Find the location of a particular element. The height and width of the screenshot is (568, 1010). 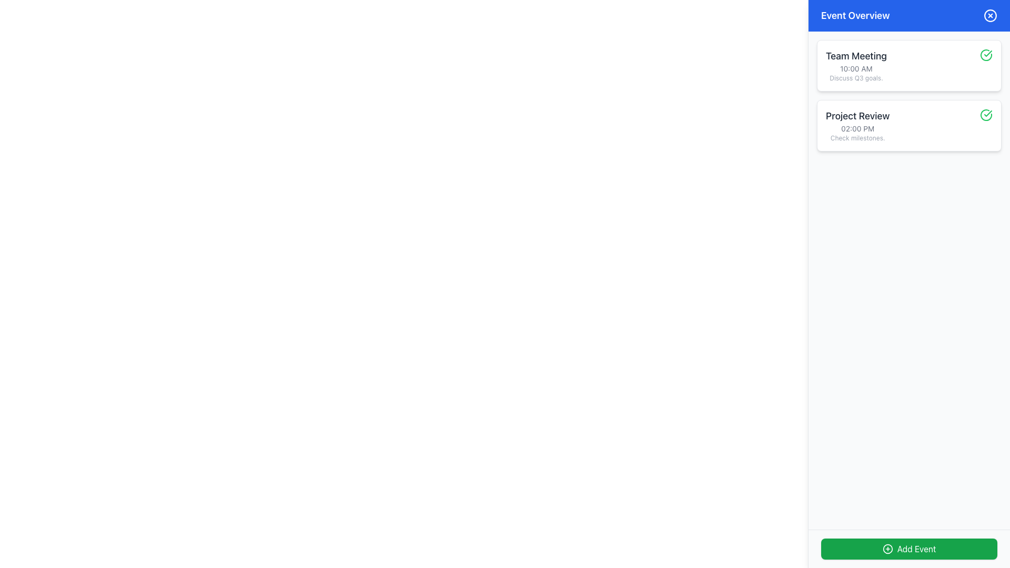

the 'Team Meeting' text label is located at coordinates (856, 56).